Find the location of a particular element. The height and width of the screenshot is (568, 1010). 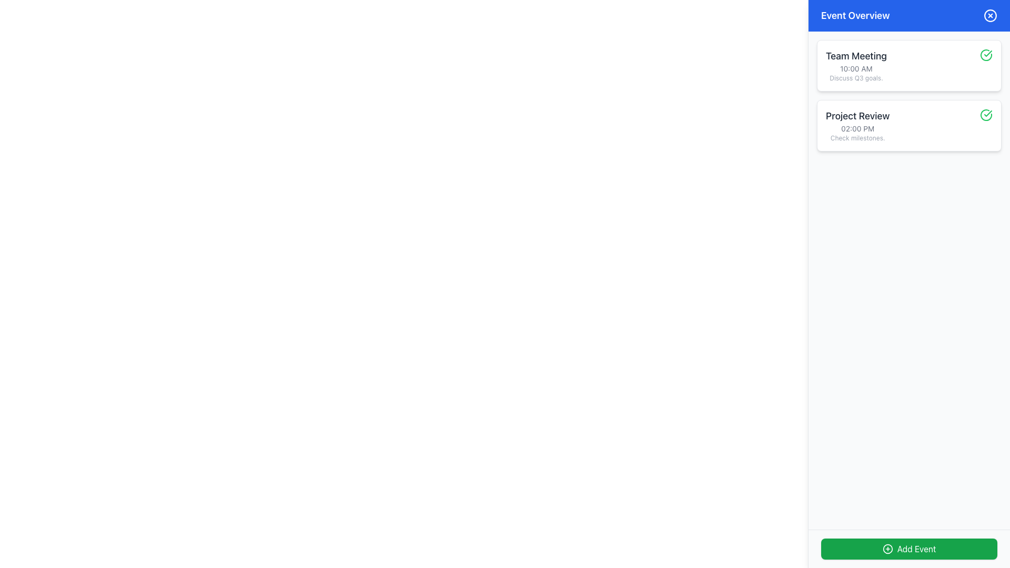

the 'Team Meeting' text label is located at coordinates (856, 56).